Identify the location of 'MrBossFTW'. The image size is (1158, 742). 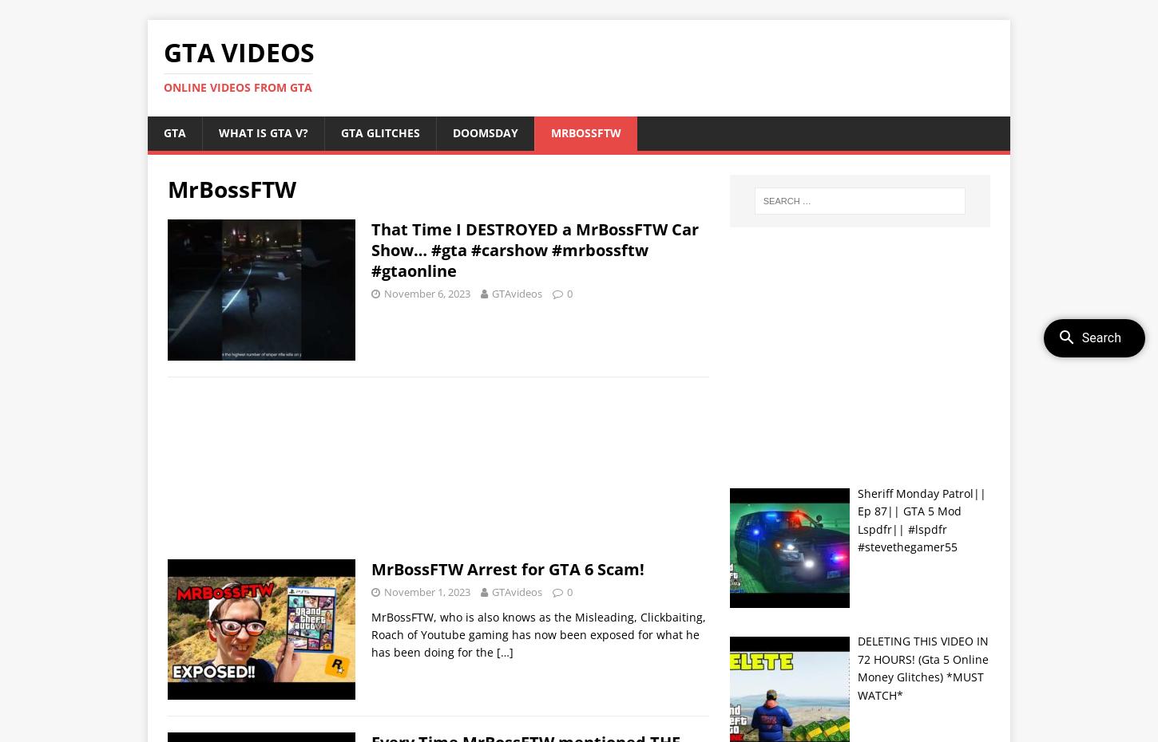
(232, 188).